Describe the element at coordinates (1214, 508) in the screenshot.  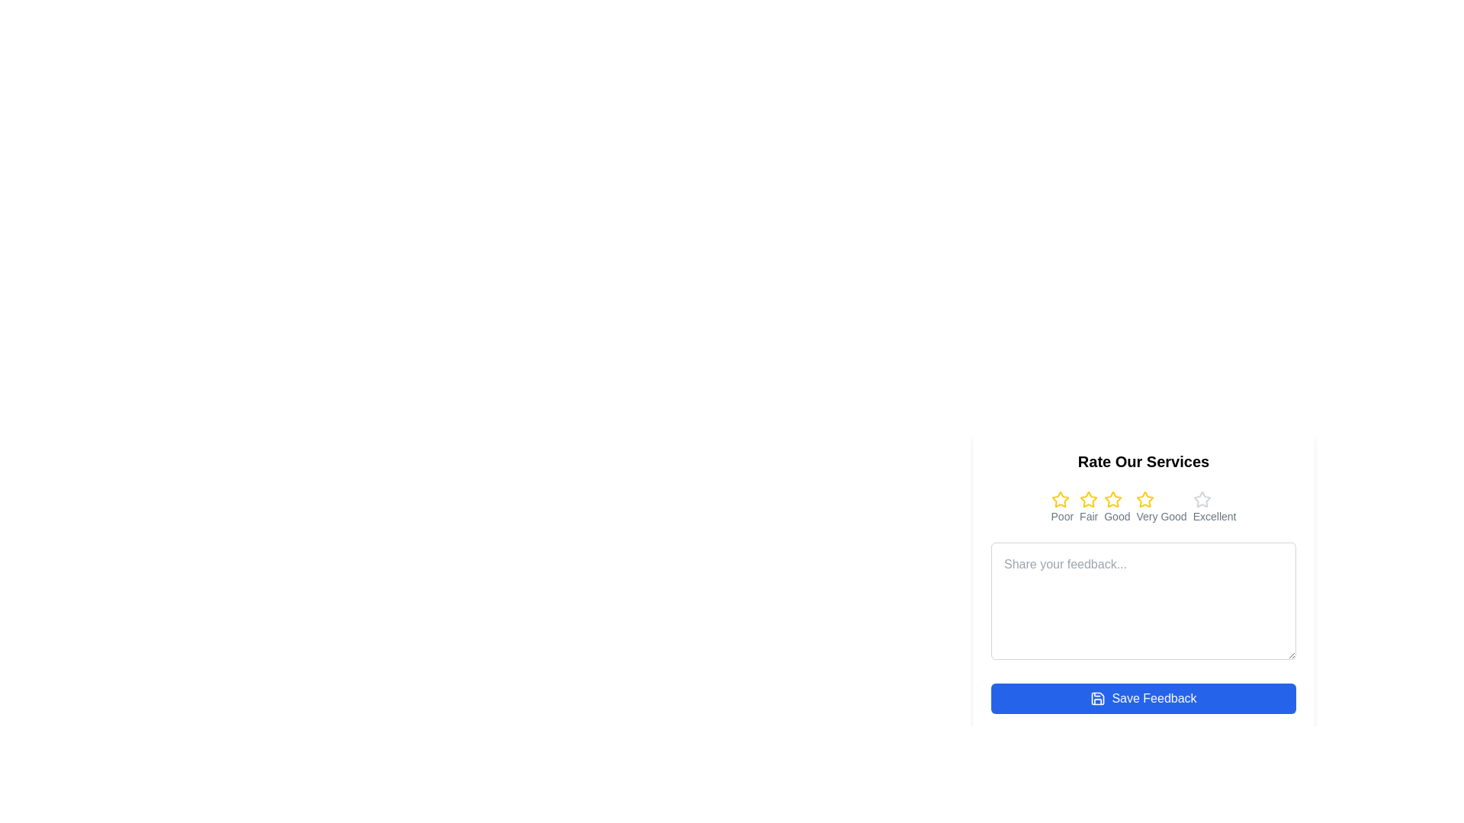
I see `the 'Excellent' rating star in the rating system located at the rightmost end under the header 'Rate Our Services'` at that location.